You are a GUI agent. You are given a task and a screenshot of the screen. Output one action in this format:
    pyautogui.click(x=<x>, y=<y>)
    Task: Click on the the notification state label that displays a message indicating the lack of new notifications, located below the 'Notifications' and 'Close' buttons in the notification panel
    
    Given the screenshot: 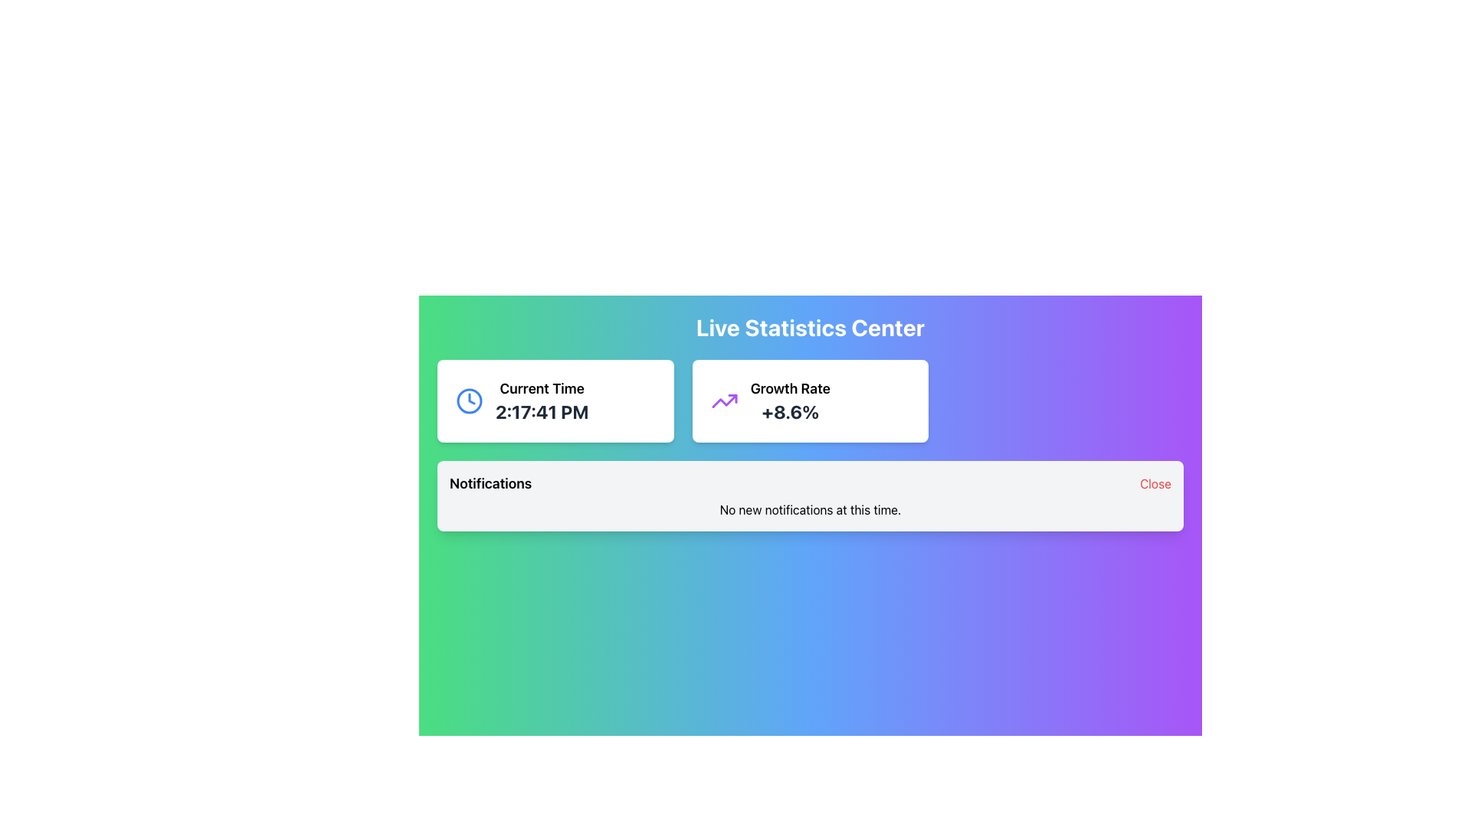 What is the action you would take?
    pyautogui.click(x=809, y=510)
    